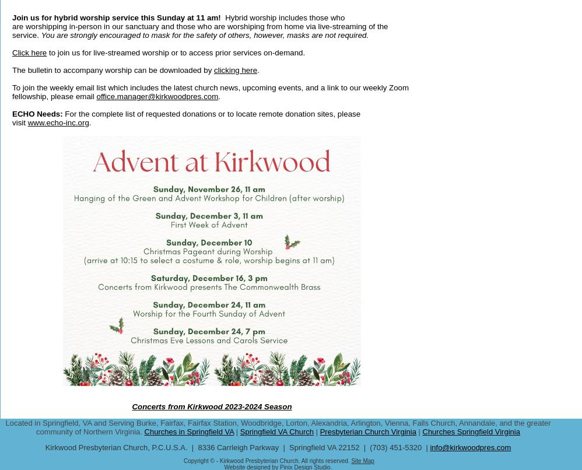 Image resolution: width=582 pixels, height=470 pixels. I want to click on 'Springfield VA Church', so click(276, 431).